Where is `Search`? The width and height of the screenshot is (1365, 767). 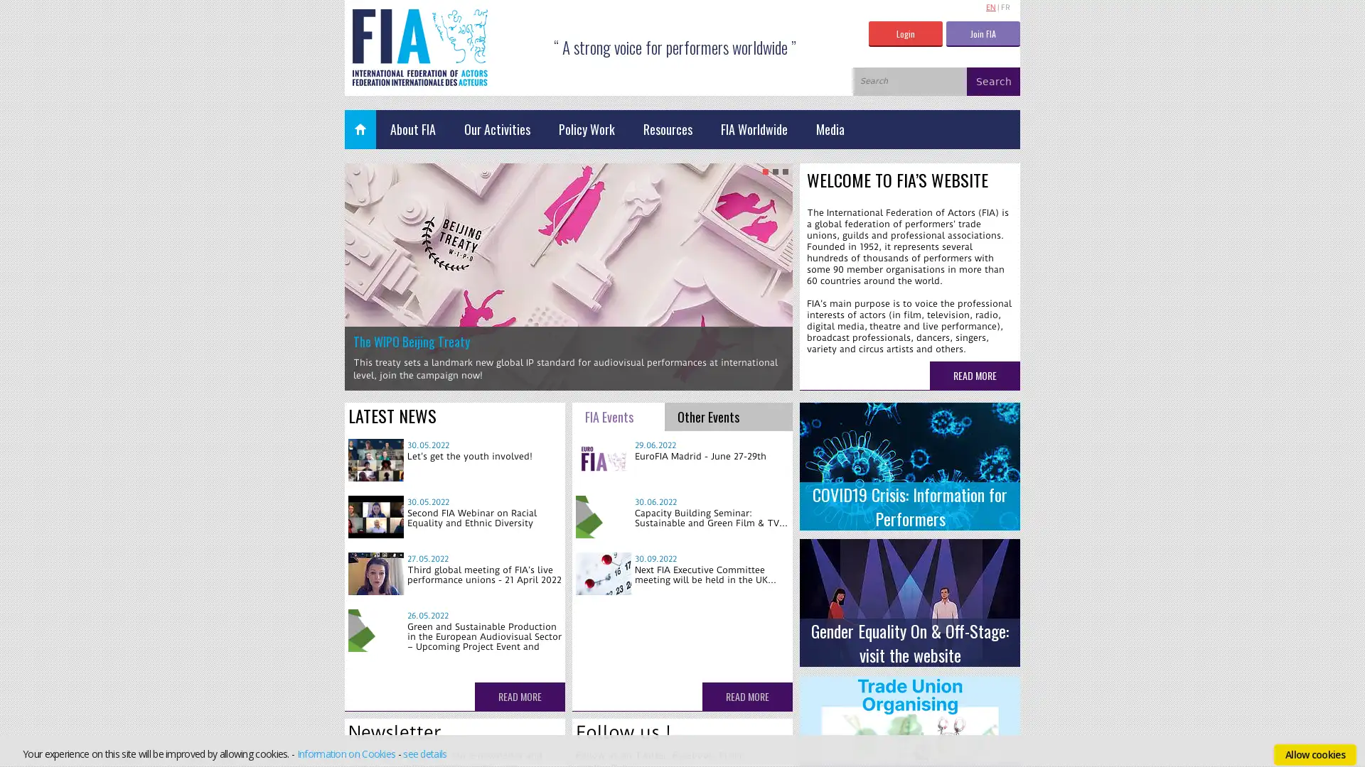
Search is located at coordinates (992, 82).